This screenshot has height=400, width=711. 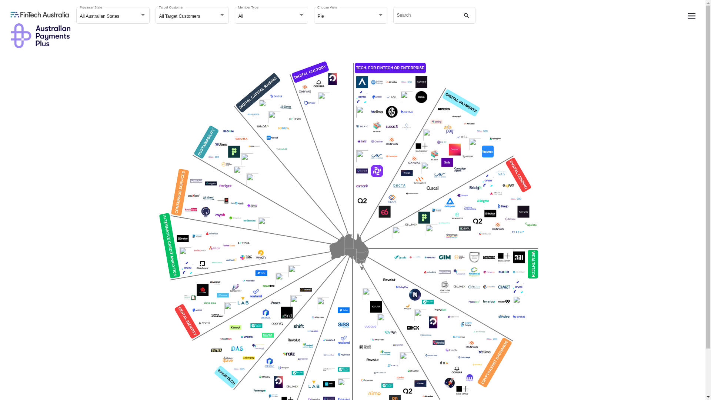 What do you see at coordinates (275, 303) in the screenshot?
I see `'upcover'` at bounding box center [275, 303].